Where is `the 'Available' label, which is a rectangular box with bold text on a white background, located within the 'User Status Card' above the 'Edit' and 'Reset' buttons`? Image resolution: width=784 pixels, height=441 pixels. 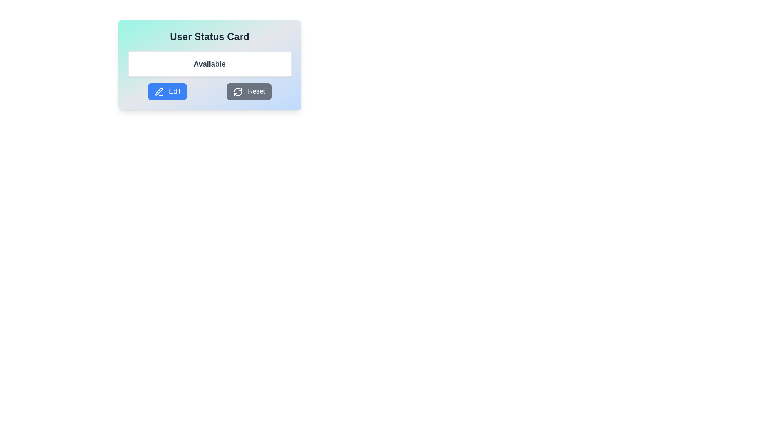
the 'Available' label, which is a rectangular box with bold text on a white background, located within the 'User Status Card' above the 'Edit' and 'Reset' buttons is located at coordinates (209, 64).